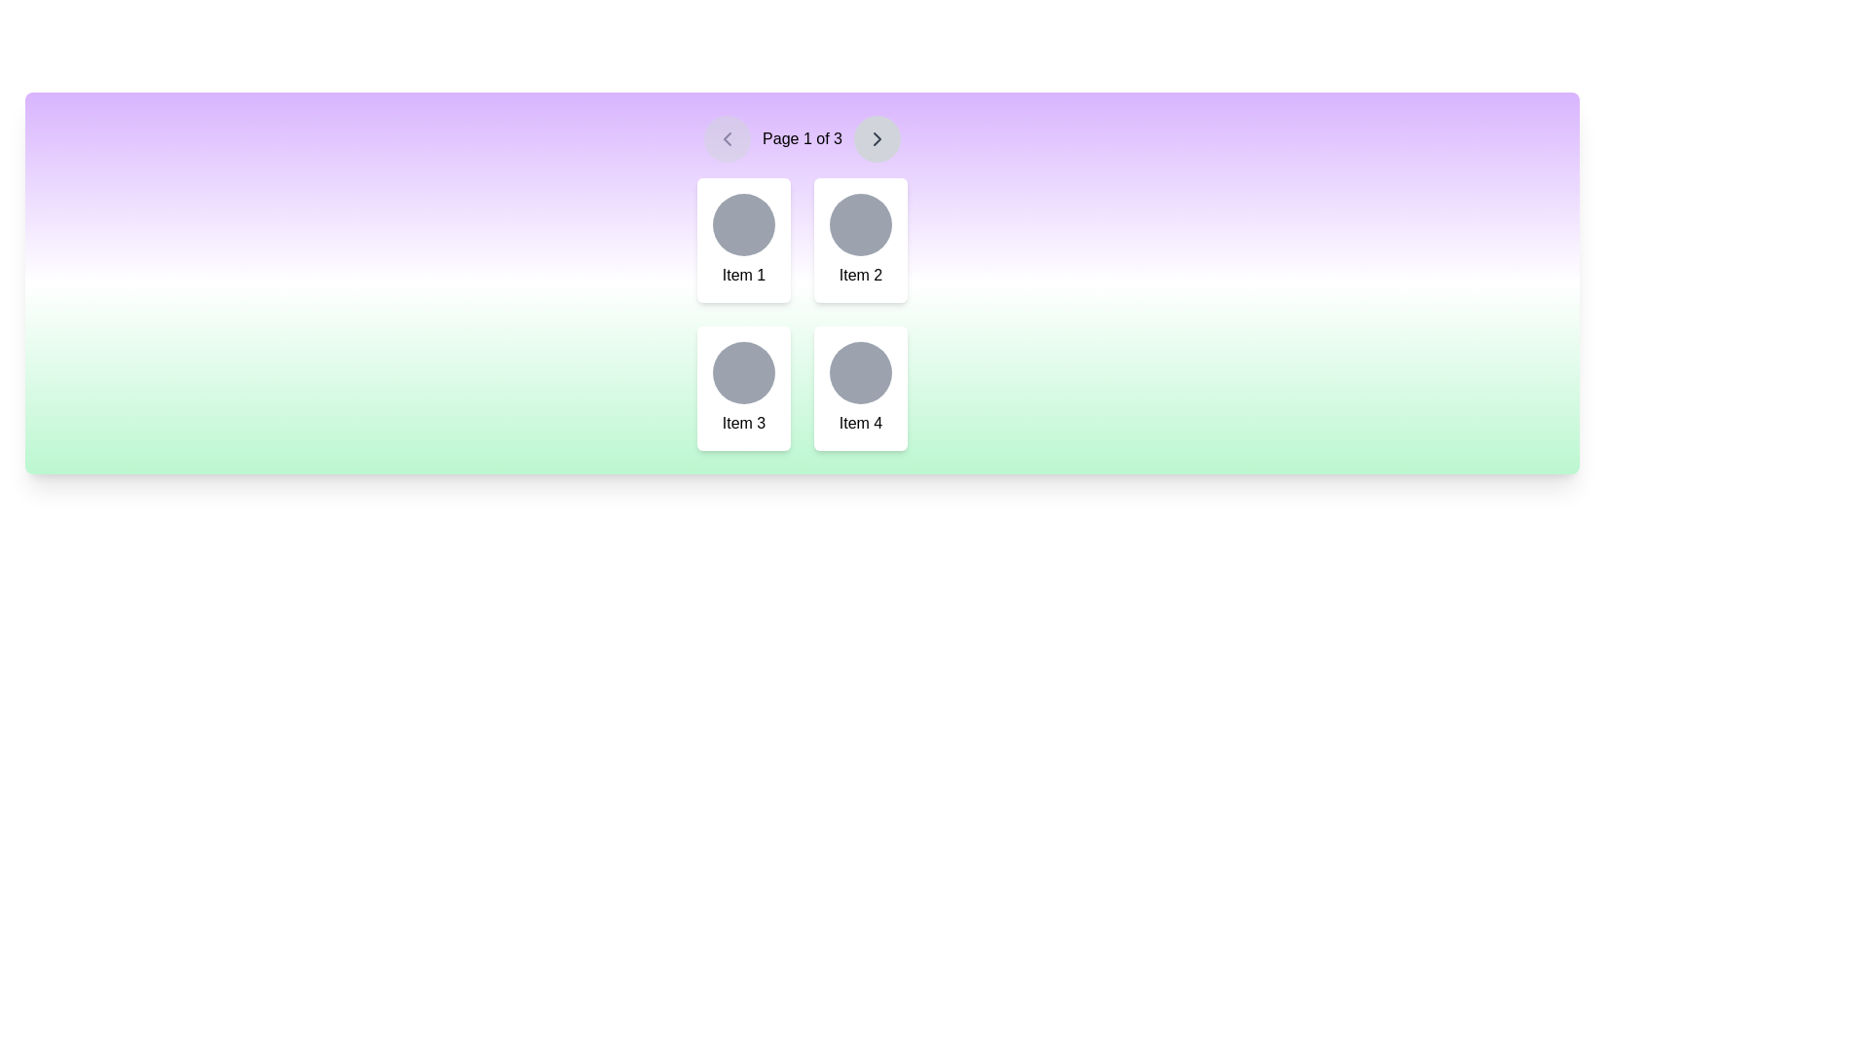 This screenshot has height=1052, width=1870. I want to click on the second navigation button with an icon in the pagination controls, so click(876, 137).